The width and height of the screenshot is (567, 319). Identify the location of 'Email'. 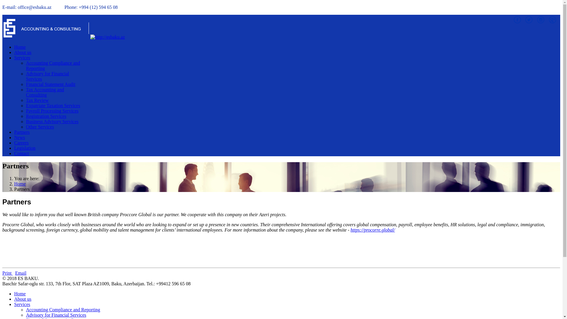
(15, 273).